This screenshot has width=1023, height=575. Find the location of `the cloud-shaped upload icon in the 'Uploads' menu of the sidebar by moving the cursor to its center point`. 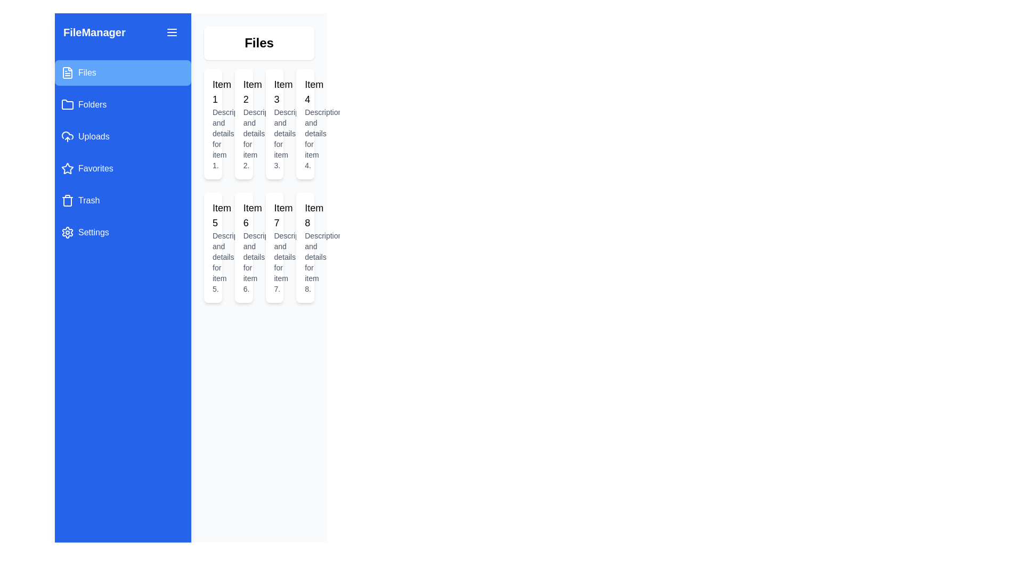

the cloud-shaped upload icon in the 'Uploads' menu of the sidebar by moving the cursor to its center point is located at coordinates (67, 136).